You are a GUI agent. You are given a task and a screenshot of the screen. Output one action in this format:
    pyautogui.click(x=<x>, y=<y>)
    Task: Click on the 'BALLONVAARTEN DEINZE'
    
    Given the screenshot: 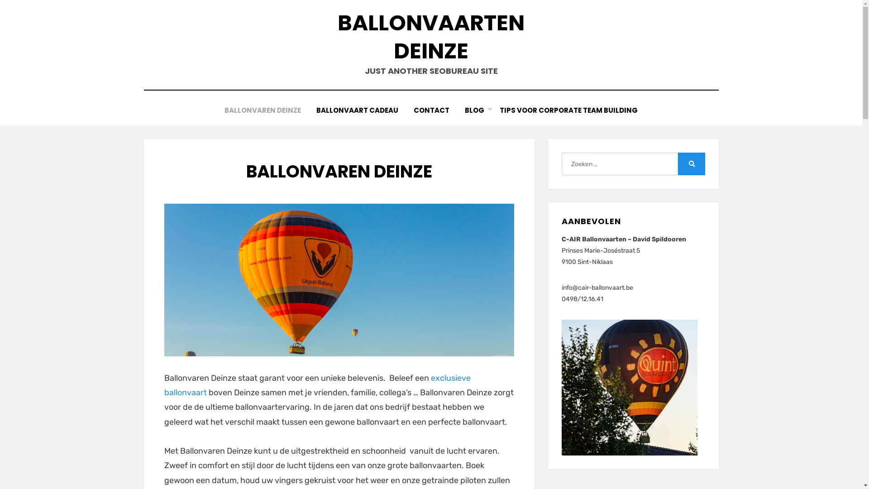 What is the action you would take?
    pyautogui.click(x=430, y=36)
    